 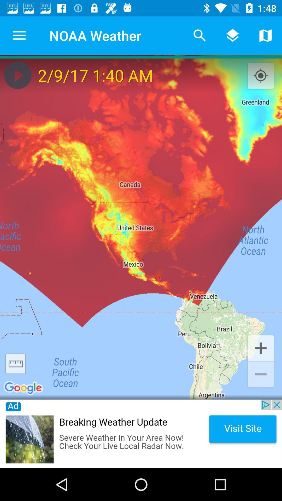 I want to click on show meter, so click(x=15, y=363).